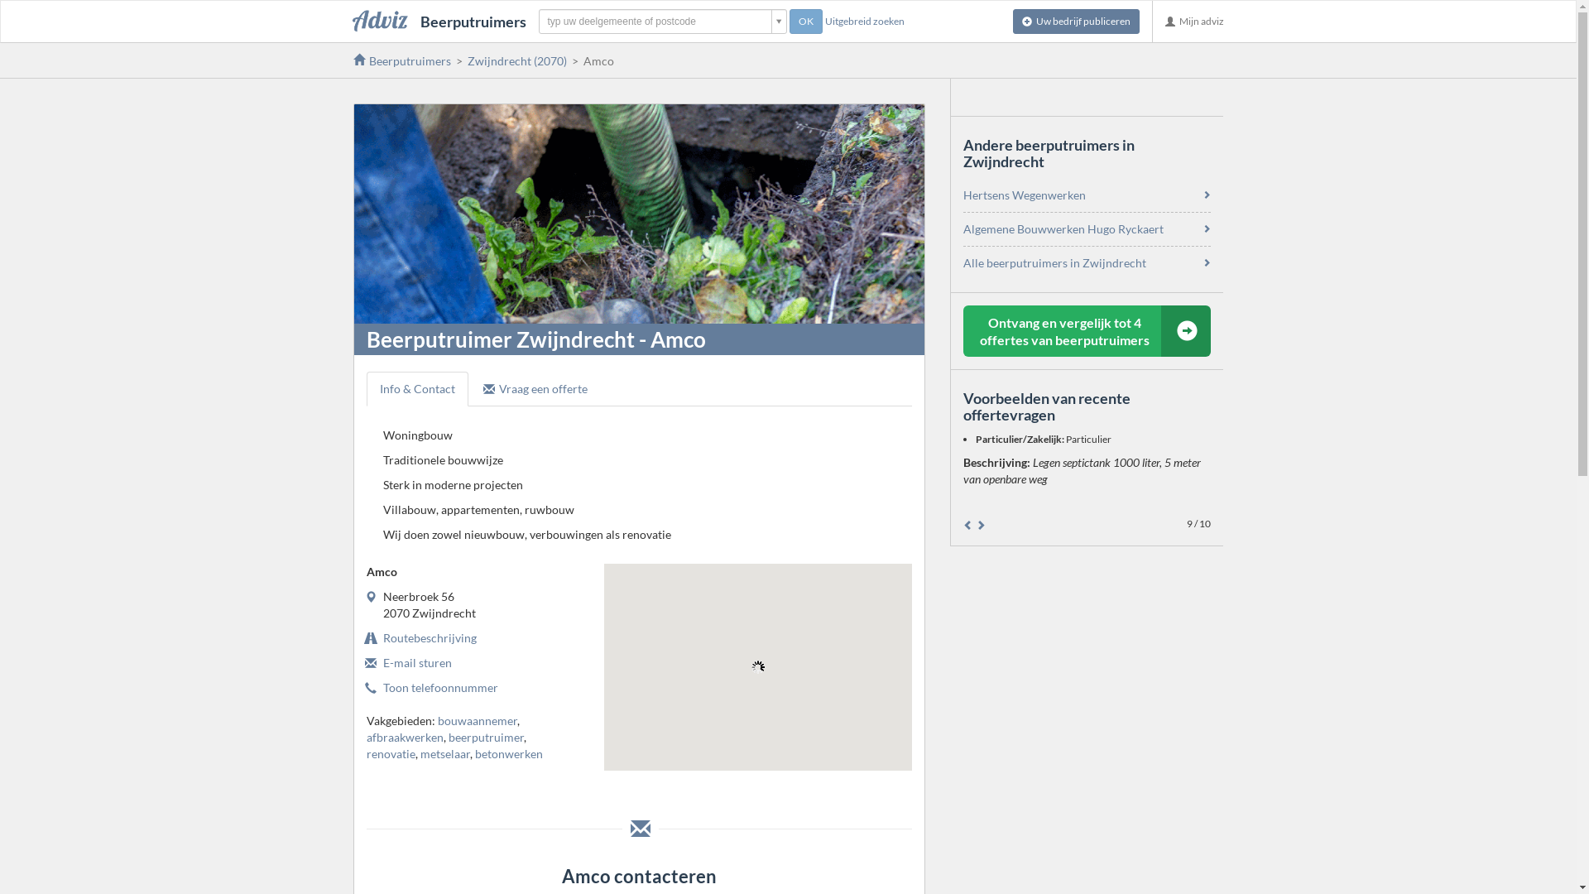 The image size is (1589, 894). Describe the element at coordinates (1087, 331) in the screenshot. I see `'Ontvang en vergelijk tot 4 offertes van beerputruimers'` at that location.